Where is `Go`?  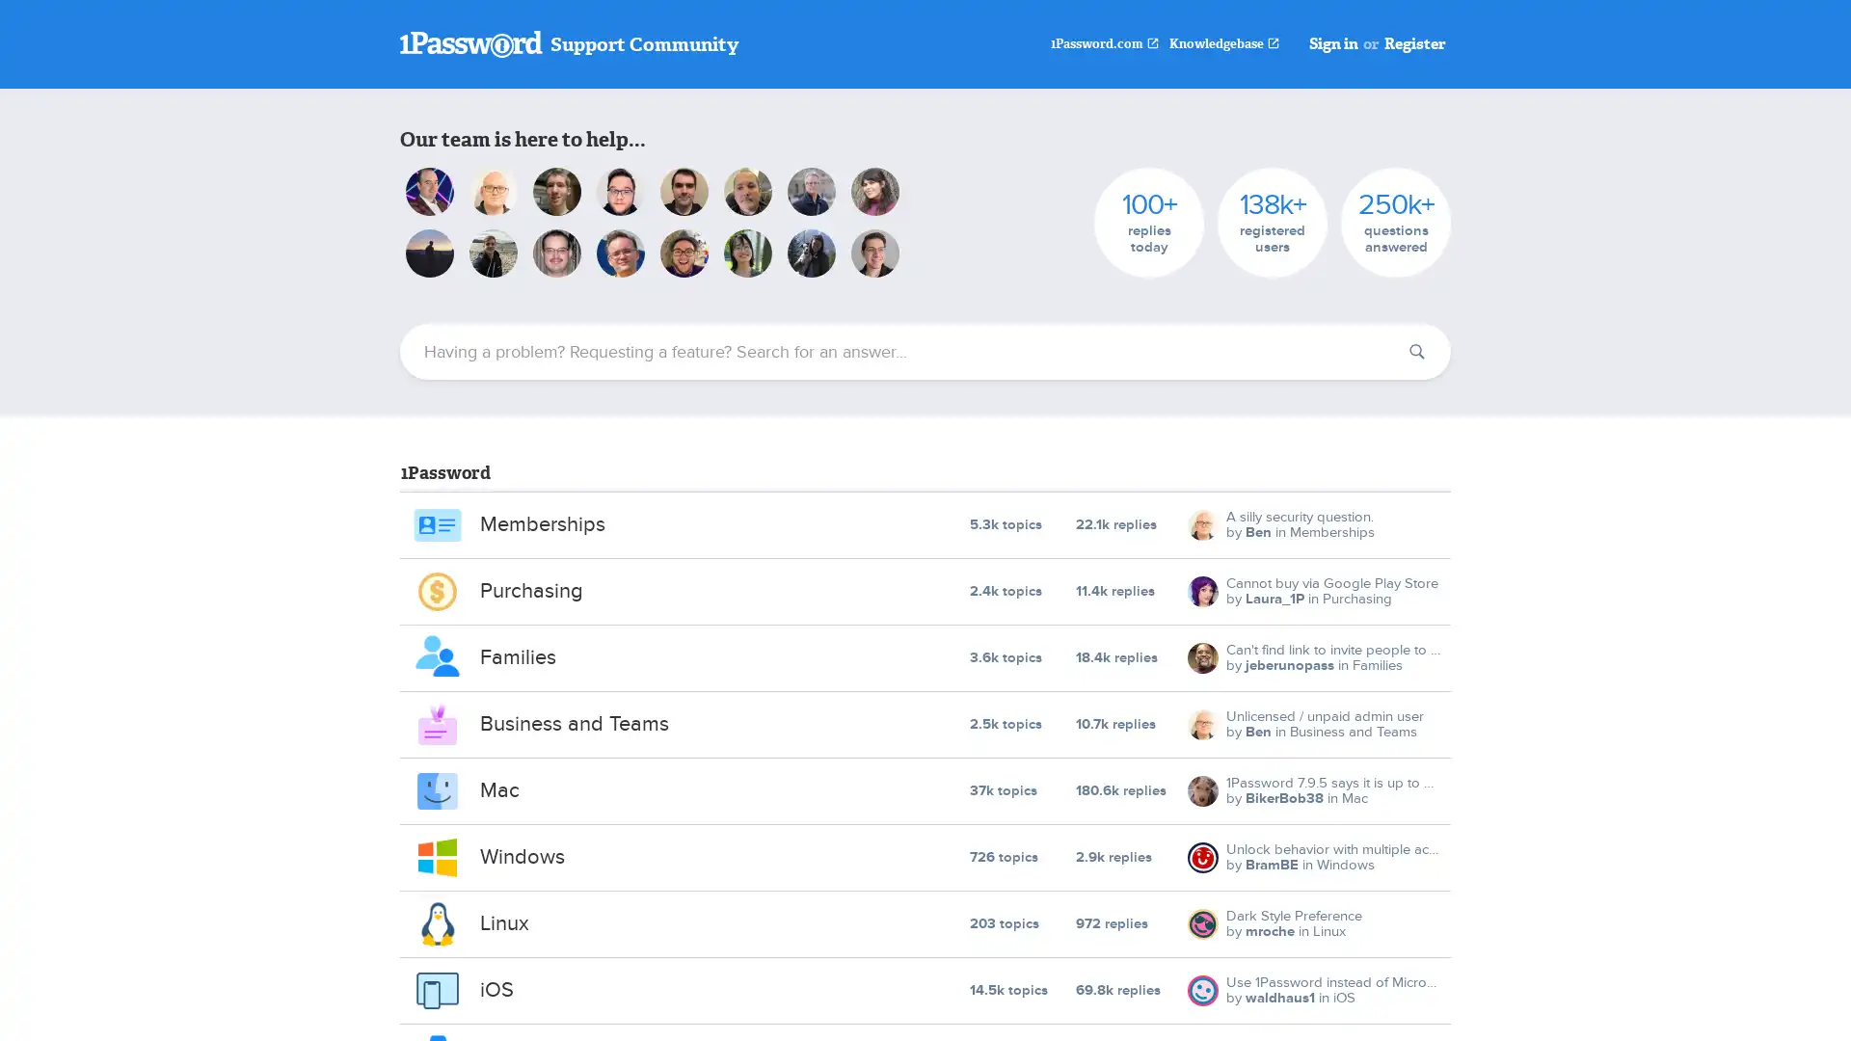 Go is located at coordinates (1416, 352).